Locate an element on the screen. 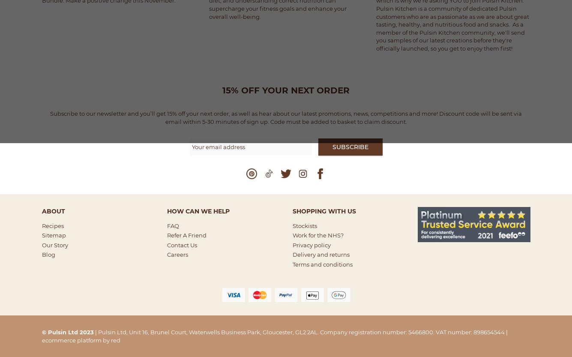 This screenshot has width=572, height=357. 'Work for the NHS?' is located at coordinates (317, 235).